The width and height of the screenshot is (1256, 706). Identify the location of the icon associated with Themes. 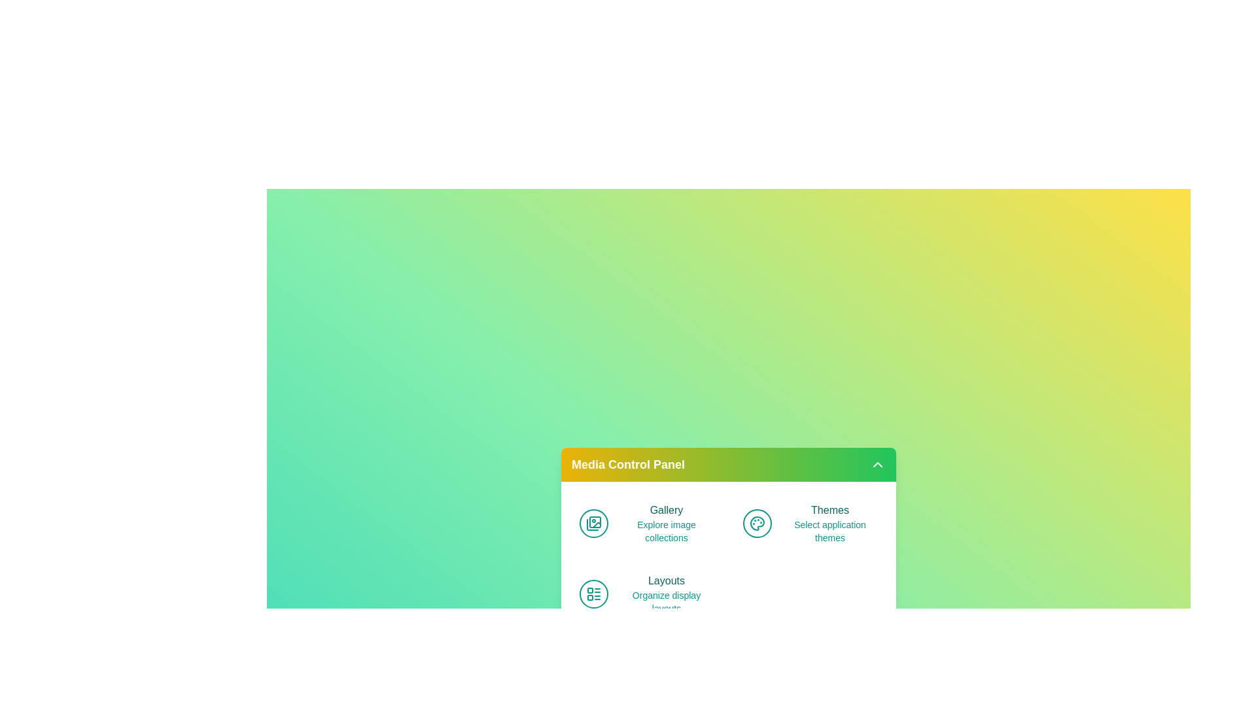
(757, 523).